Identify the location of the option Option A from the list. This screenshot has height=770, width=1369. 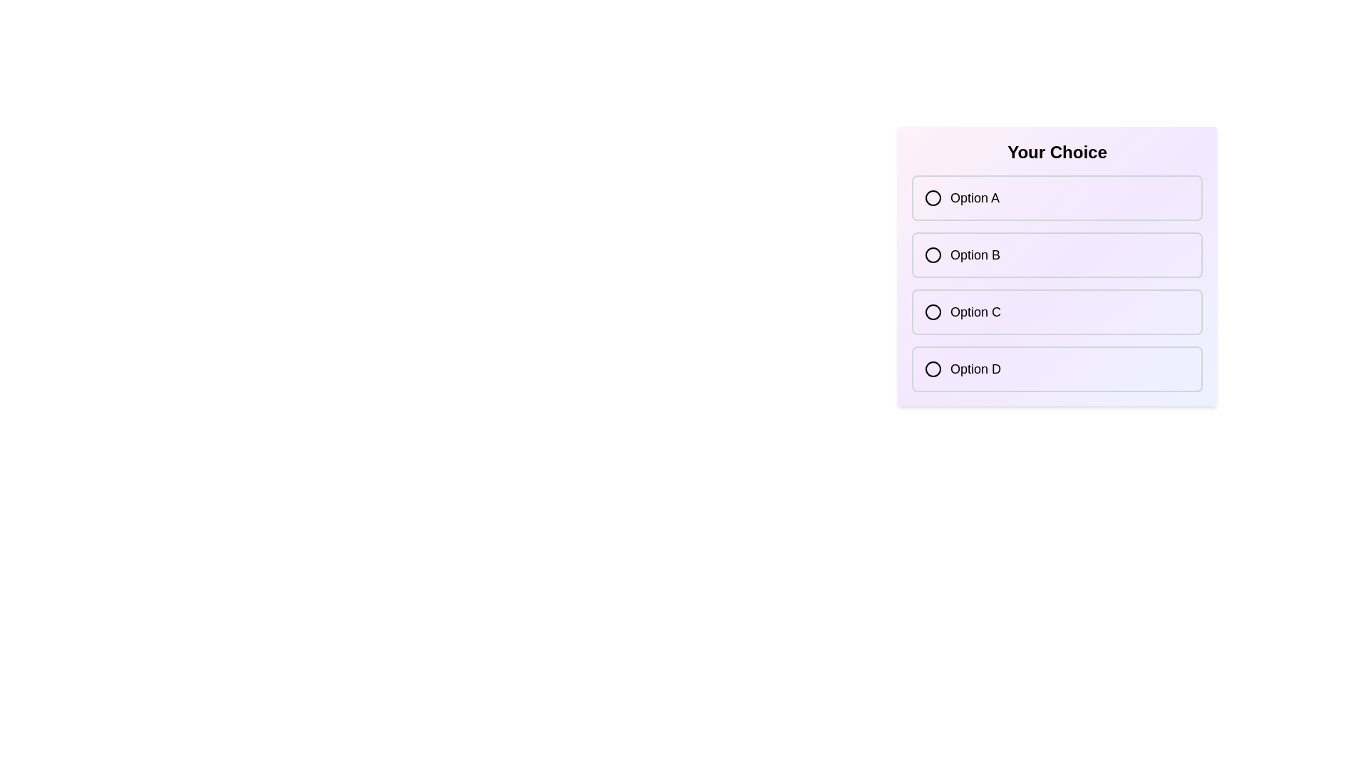
(1057, 197).